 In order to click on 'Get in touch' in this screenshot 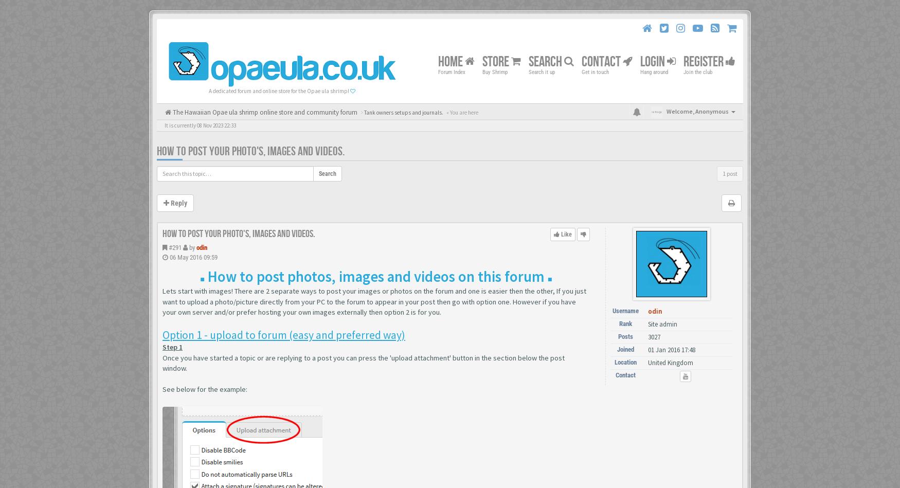, I will do `click(595, 71)`.